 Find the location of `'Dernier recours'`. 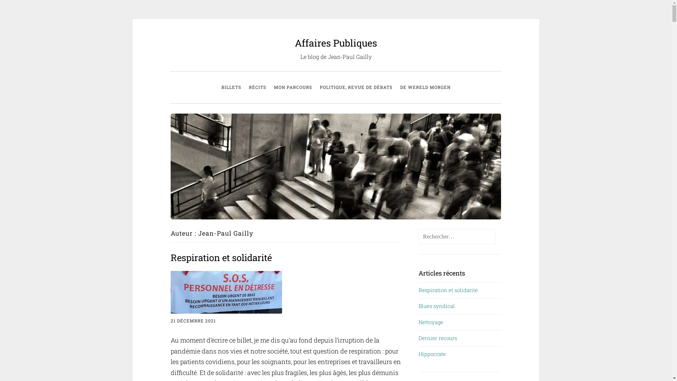

'Dernier recours' is located at coordinates (418, 337).